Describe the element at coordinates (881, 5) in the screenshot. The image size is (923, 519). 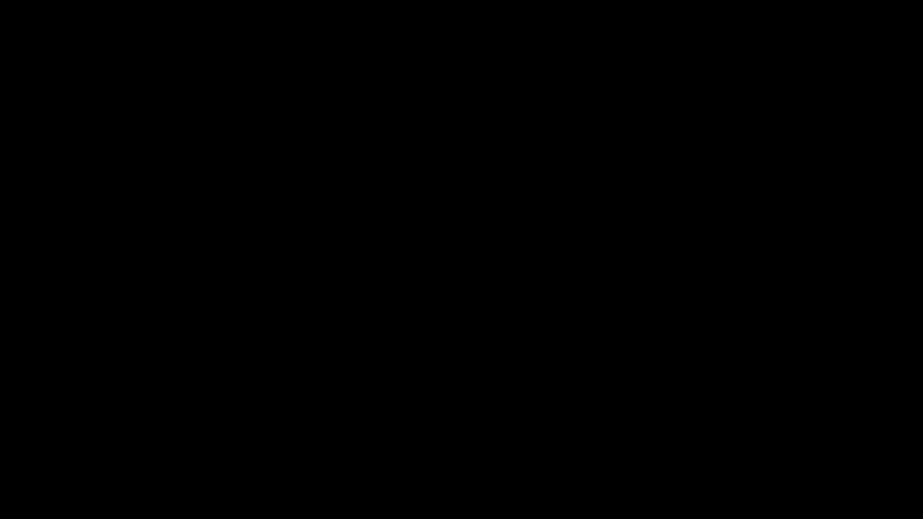
I see `'Minimize'` at that location.